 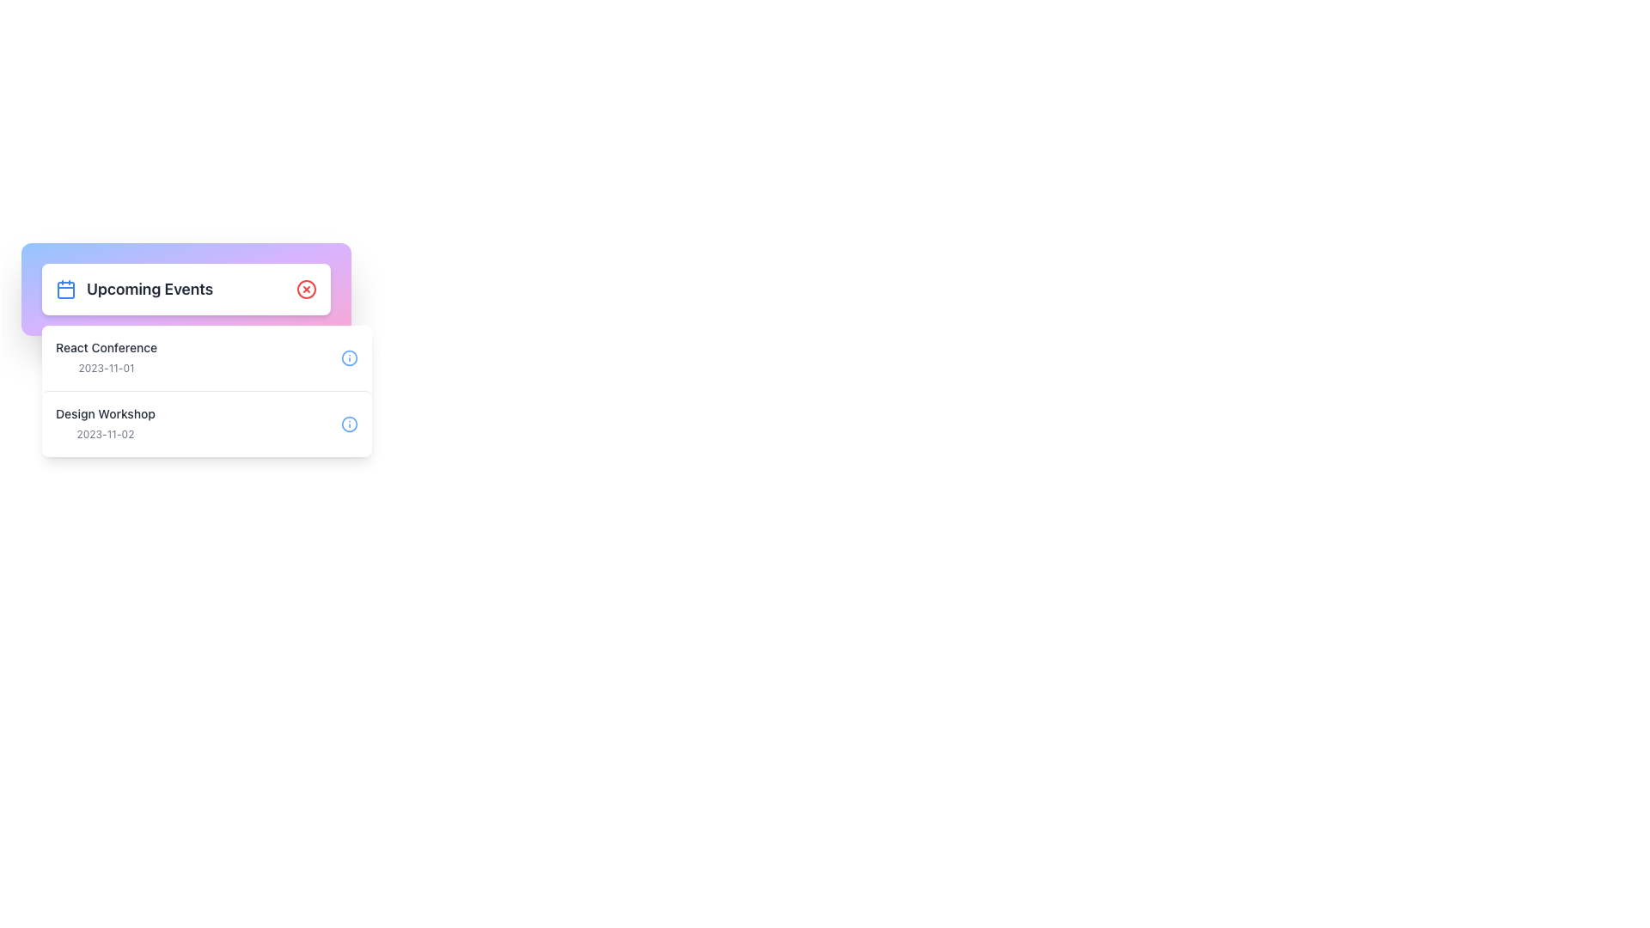 What do you see at coordinates (65, 288) in the screenshot?
I see `the calendar icon located to the left of the 'Upcoming Events' header` at bounding box center [65, 288].